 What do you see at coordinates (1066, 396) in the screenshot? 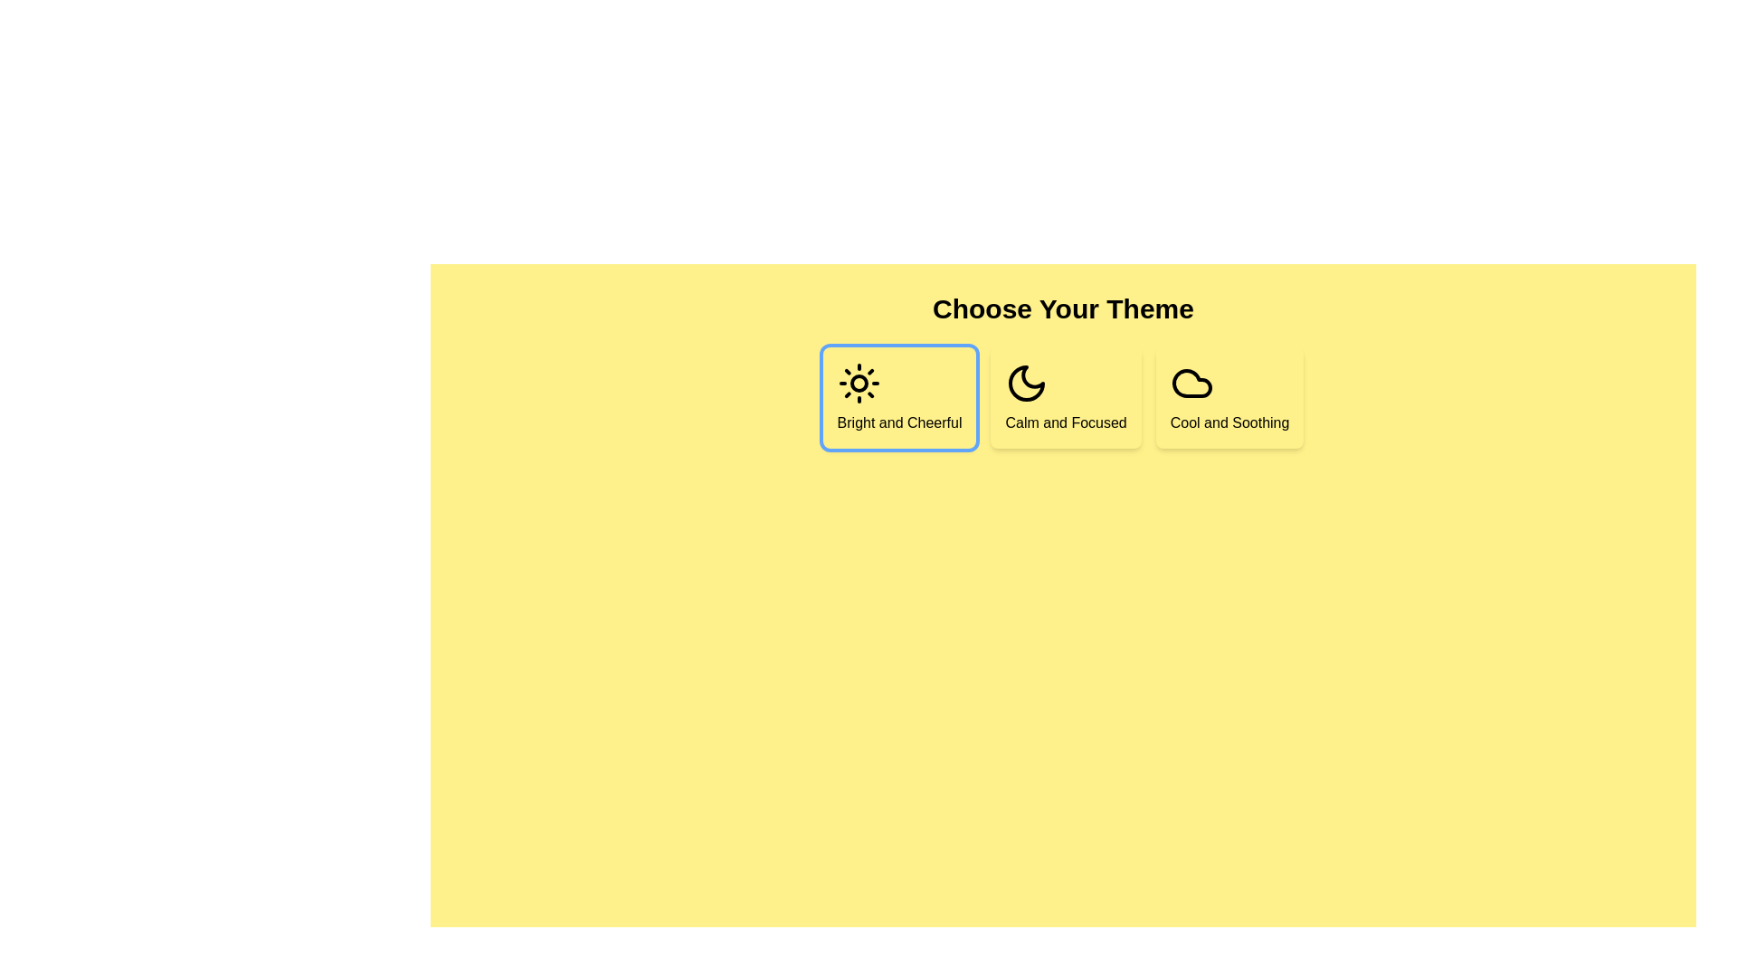
I see `the button corresponding to the theme 'Calm and Focused'` at bounding box center [1066, 396].